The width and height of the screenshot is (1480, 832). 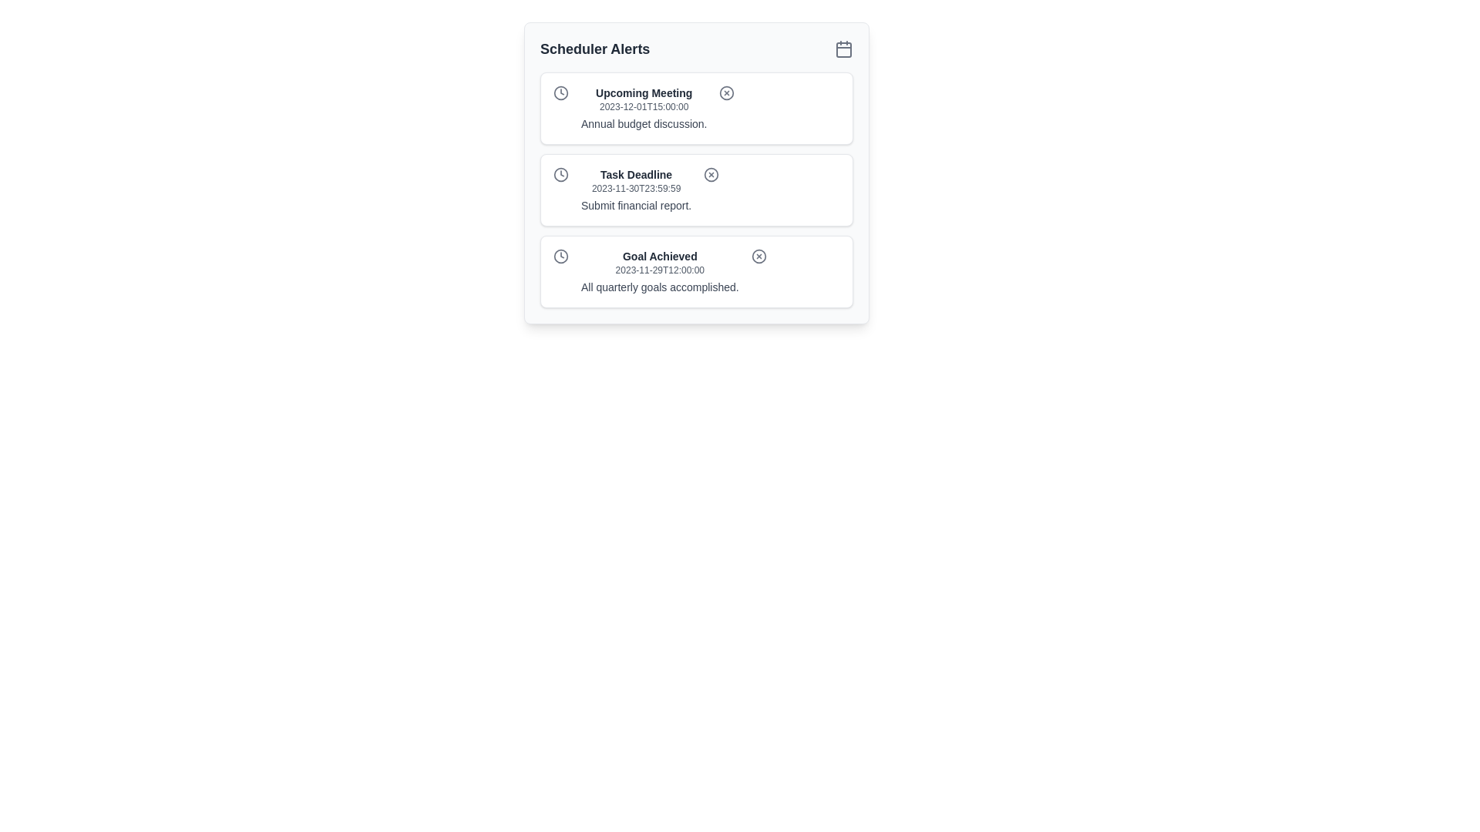 I want to click on the small rounded rectangle located at the center of the calendar icon in the top-right corner of the interface, so click(x=843, y=49).